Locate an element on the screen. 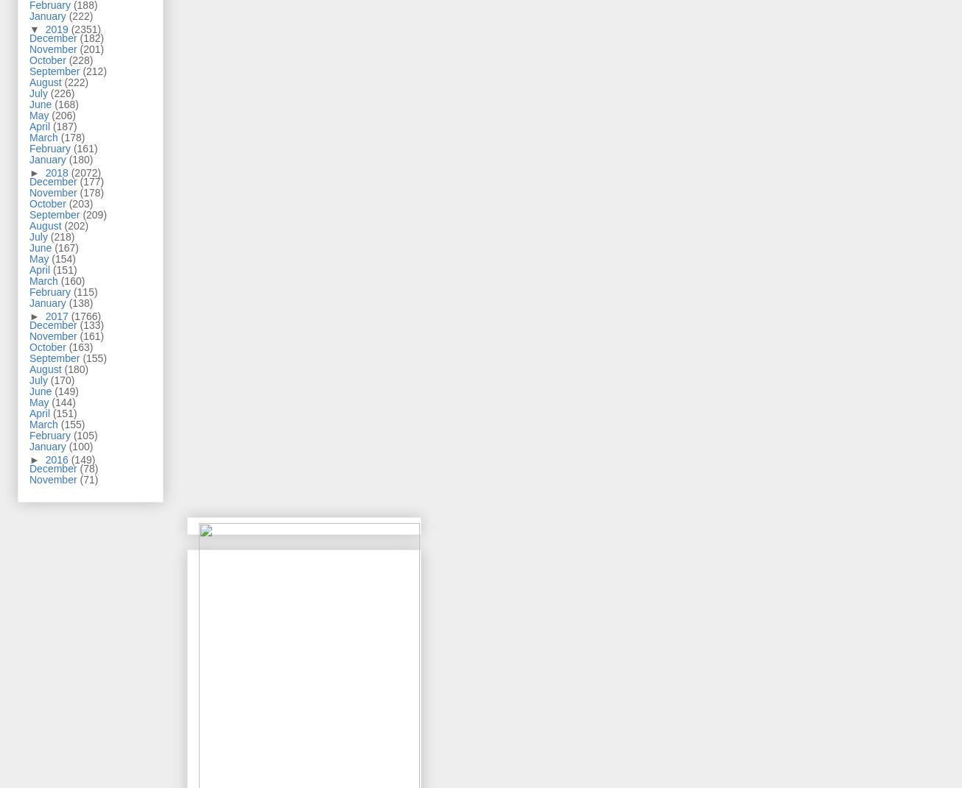  '(228)' is located at coordinates (80, 59).